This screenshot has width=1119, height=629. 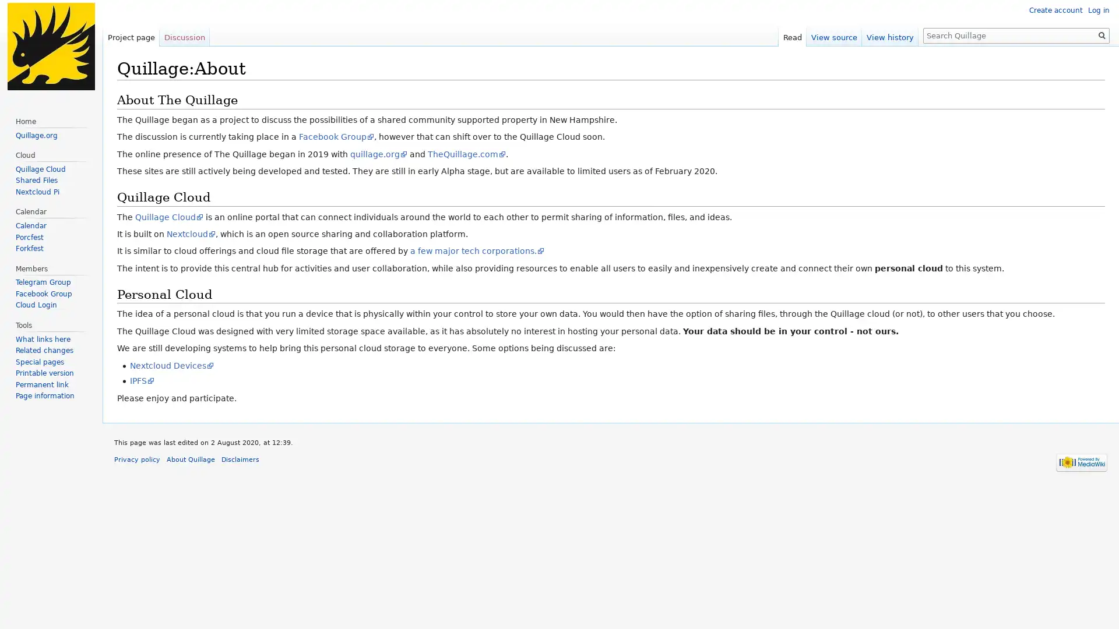 What do you see at coordinates (1102, 35) in the screenshot?
I see `Go` at bounding box center [1102, 35].